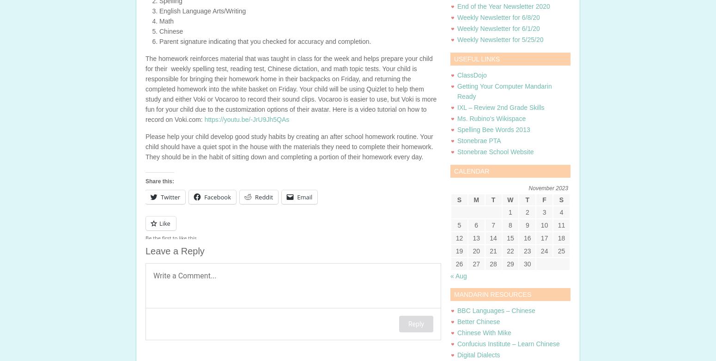 This screenshot has width=716, height=361. Describe the element at coordinates (527, 238) in the screenshot. I see `'16'` at that location.